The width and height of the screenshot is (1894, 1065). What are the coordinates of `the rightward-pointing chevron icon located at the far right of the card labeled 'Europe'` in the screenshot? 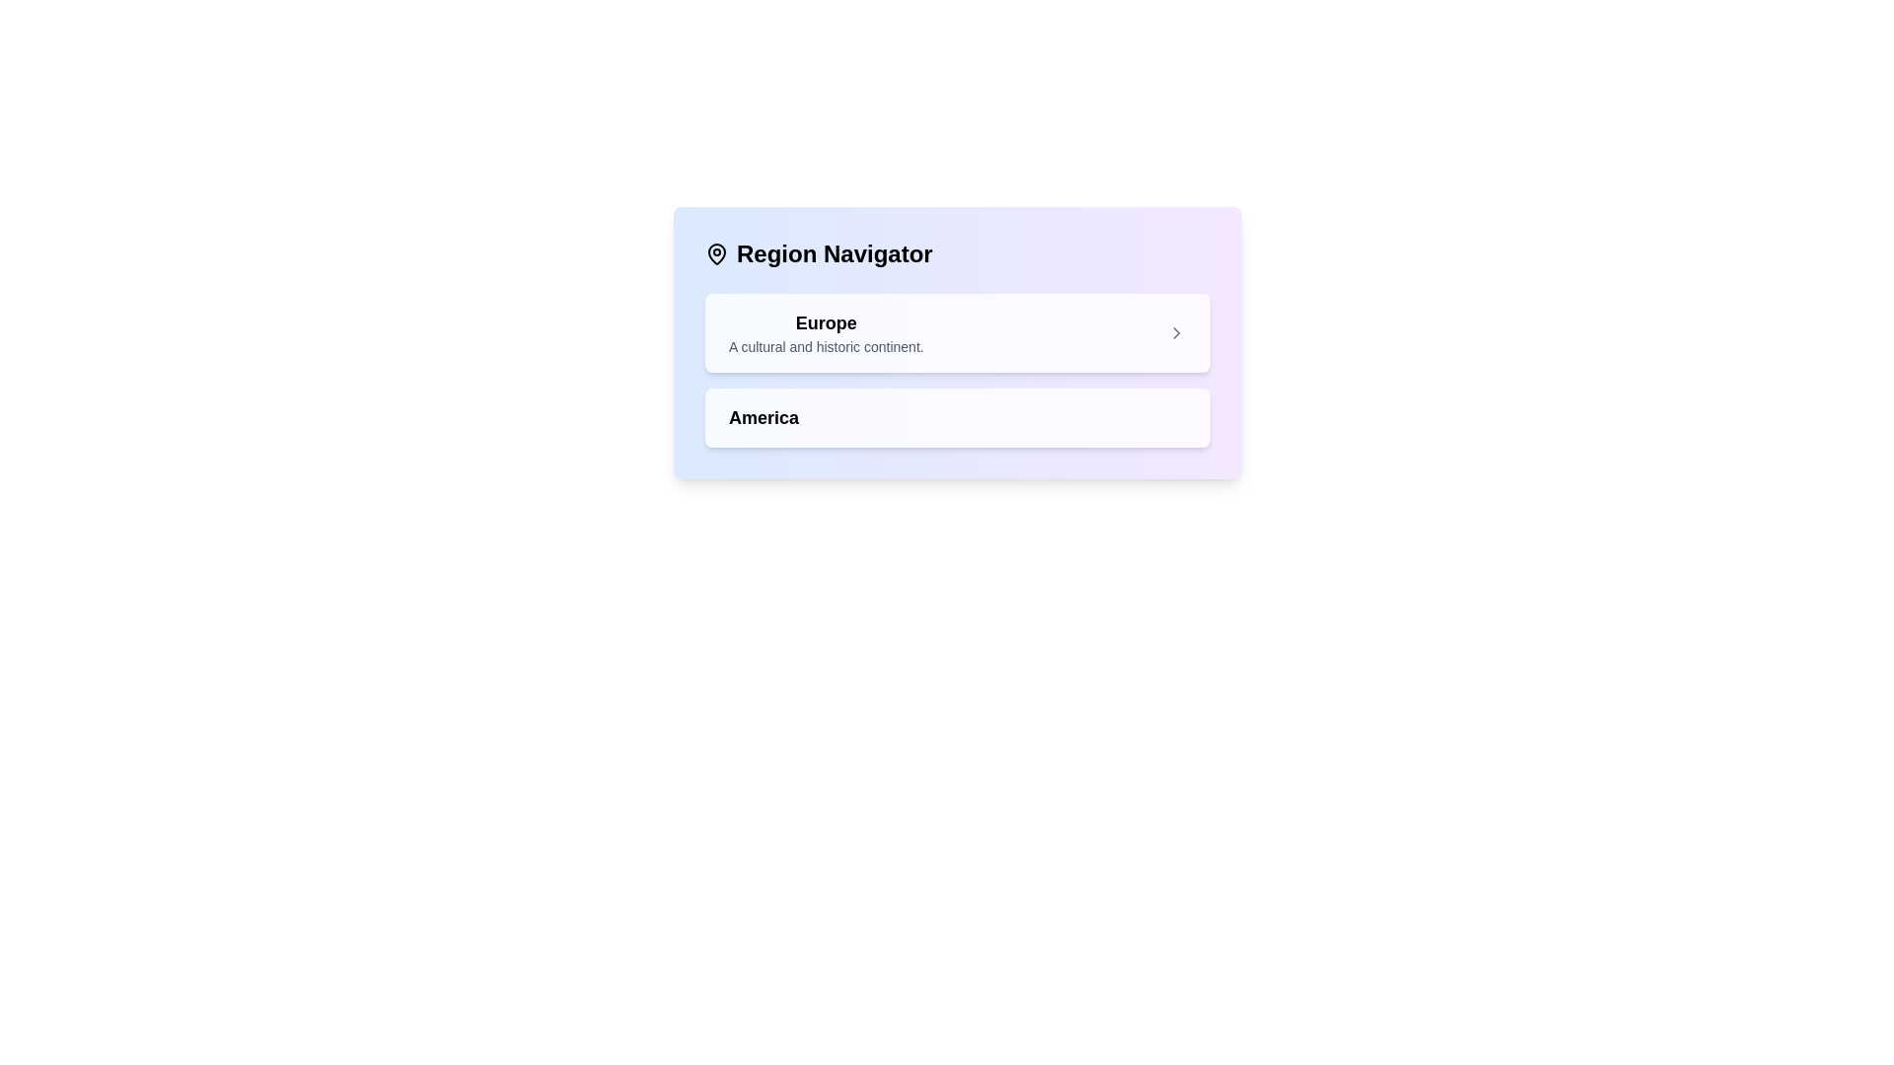 It's located at (1177, 332).